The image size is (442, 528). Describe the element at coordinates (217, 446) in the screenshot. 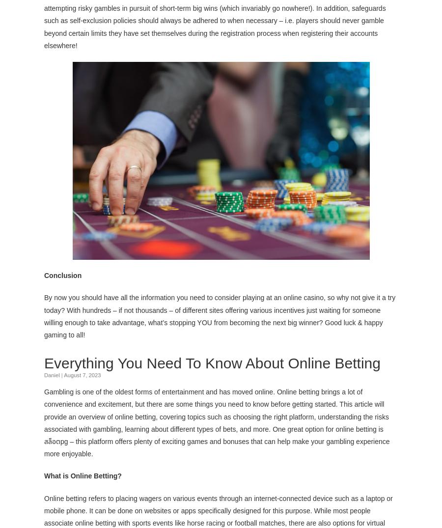

I see `'– this platform offers plenty of exciting games and bonuses that can help make your gambling experience more enjoyable.'` at that location.